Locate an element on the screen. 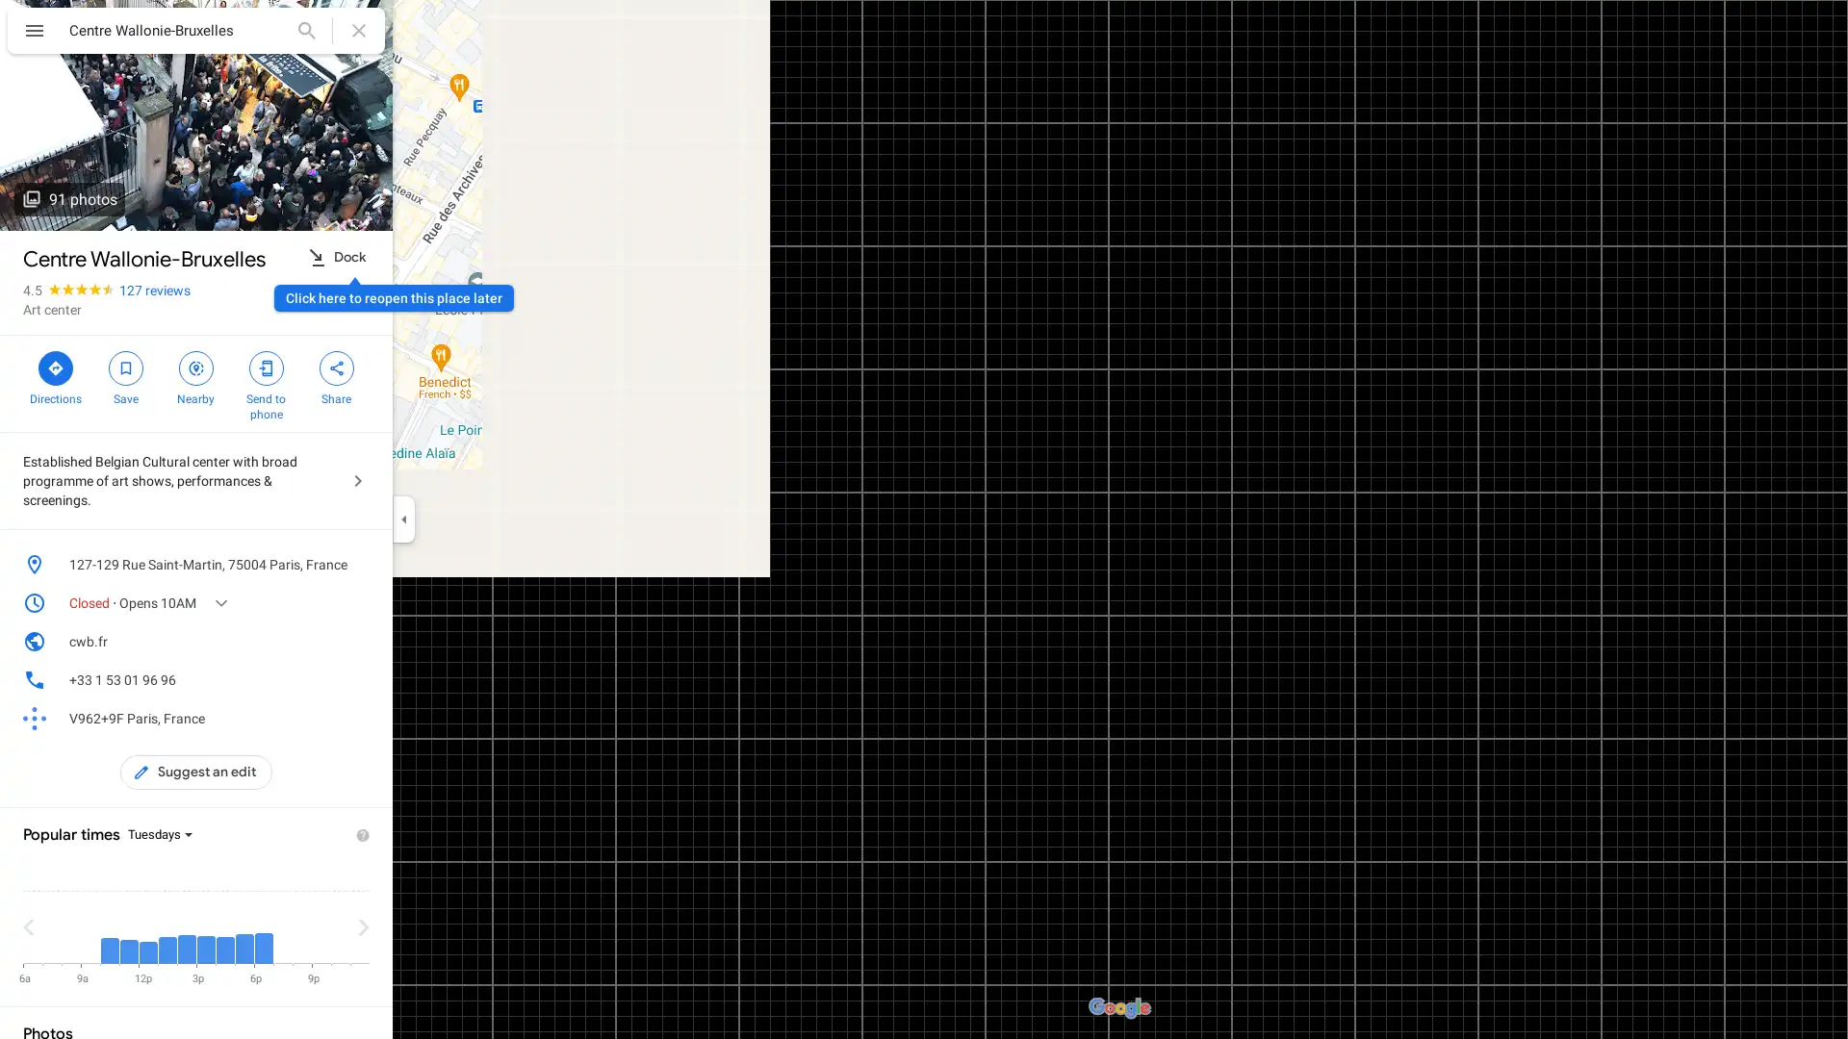 Image resolution: width=1848 pixels, height=1039 pixels. Directions to Centre Wallonie-Bruxelles is located at coordinates (55, 375).